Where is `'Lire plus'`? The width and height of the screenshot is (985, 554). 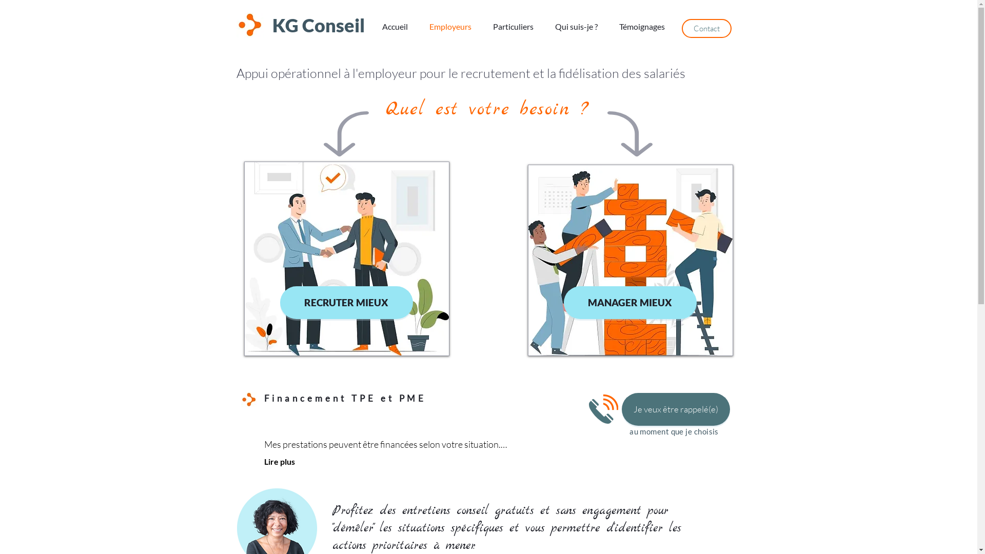
'Lire plus' is located at coordinates (279, 461).